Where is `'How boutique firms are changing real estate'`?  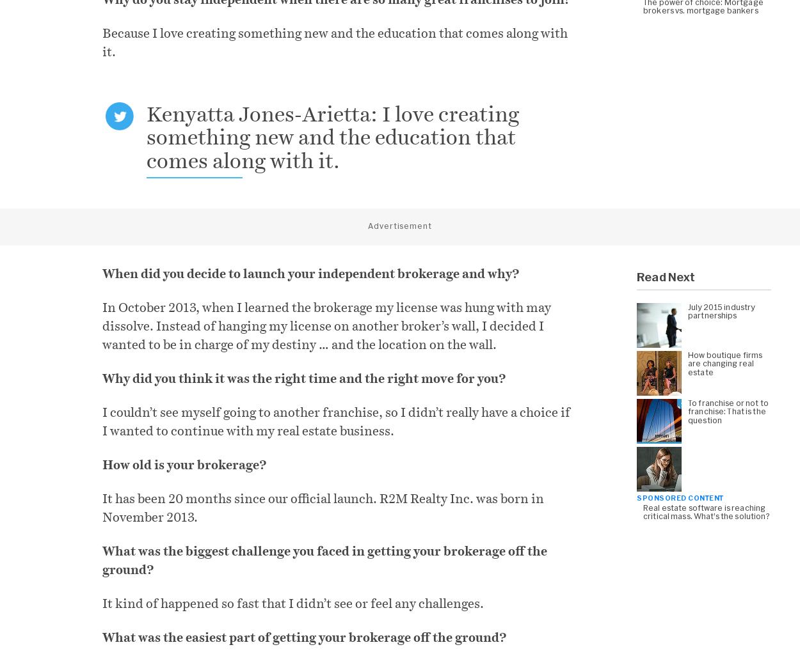 'How boutique firms are changing real estate' is located at coordinates (725, 362).